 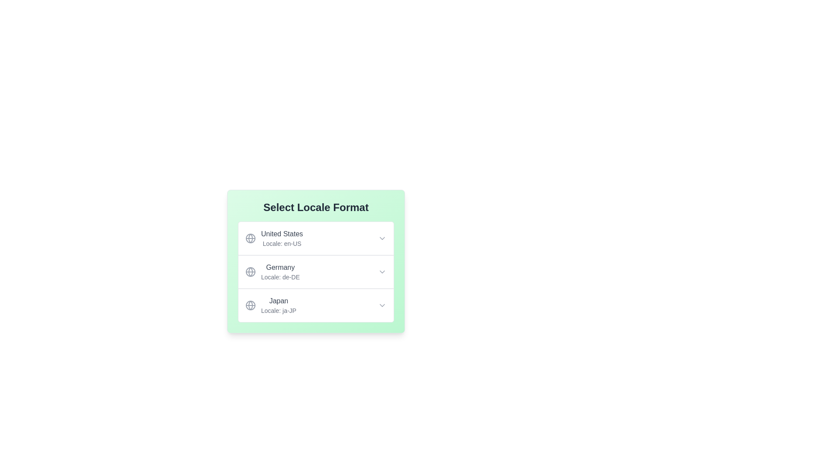 What do you see at coordinates (282, 243) in the screenshot?
I see `the text label displaying 'Locale: en-US', which is located directly beneath 'United States' in the list of locale options` at bounding box center [282, 243].